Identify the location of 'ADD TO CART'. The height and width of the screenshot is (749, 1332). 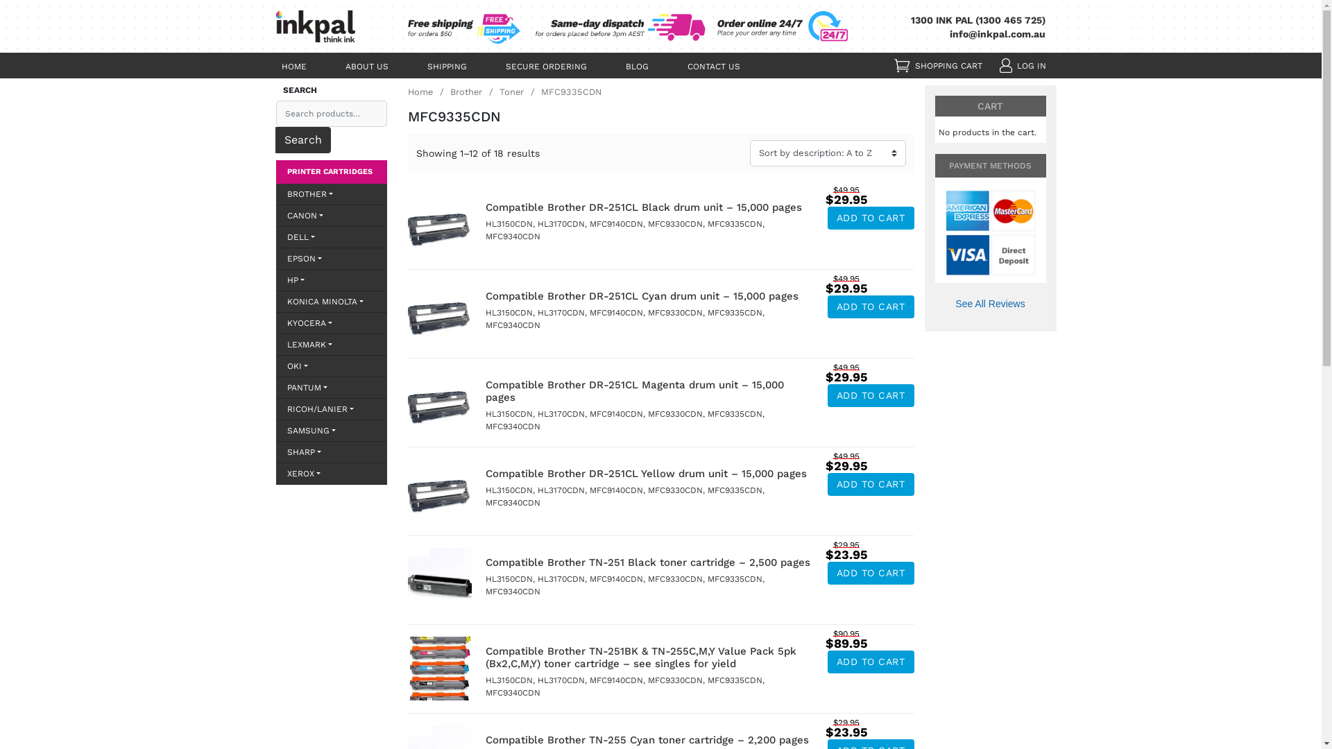
(869, 573).